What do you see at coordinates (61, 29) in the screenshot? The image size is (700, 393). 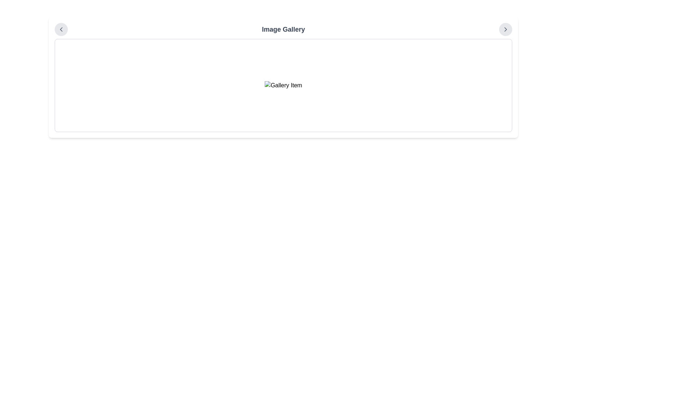 I see `the chevron icon located at the top-left corner of the interface` at bounding box center [61, 29].